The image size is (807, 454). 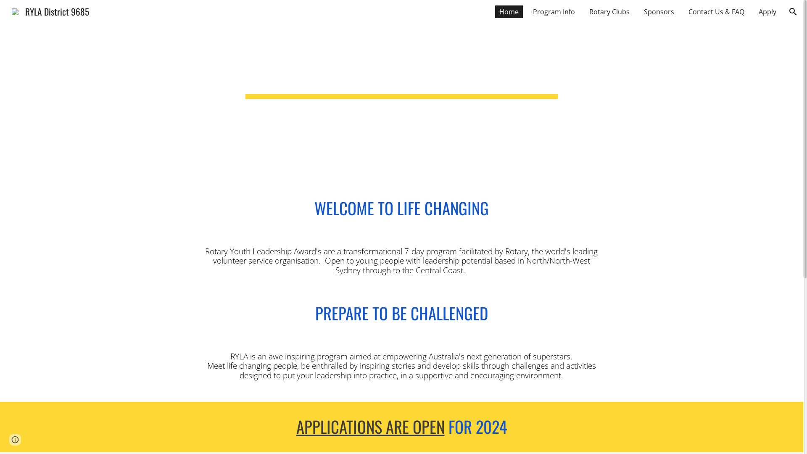 I want to click on 'RYLA District 9685', so click(x=50, y=10).